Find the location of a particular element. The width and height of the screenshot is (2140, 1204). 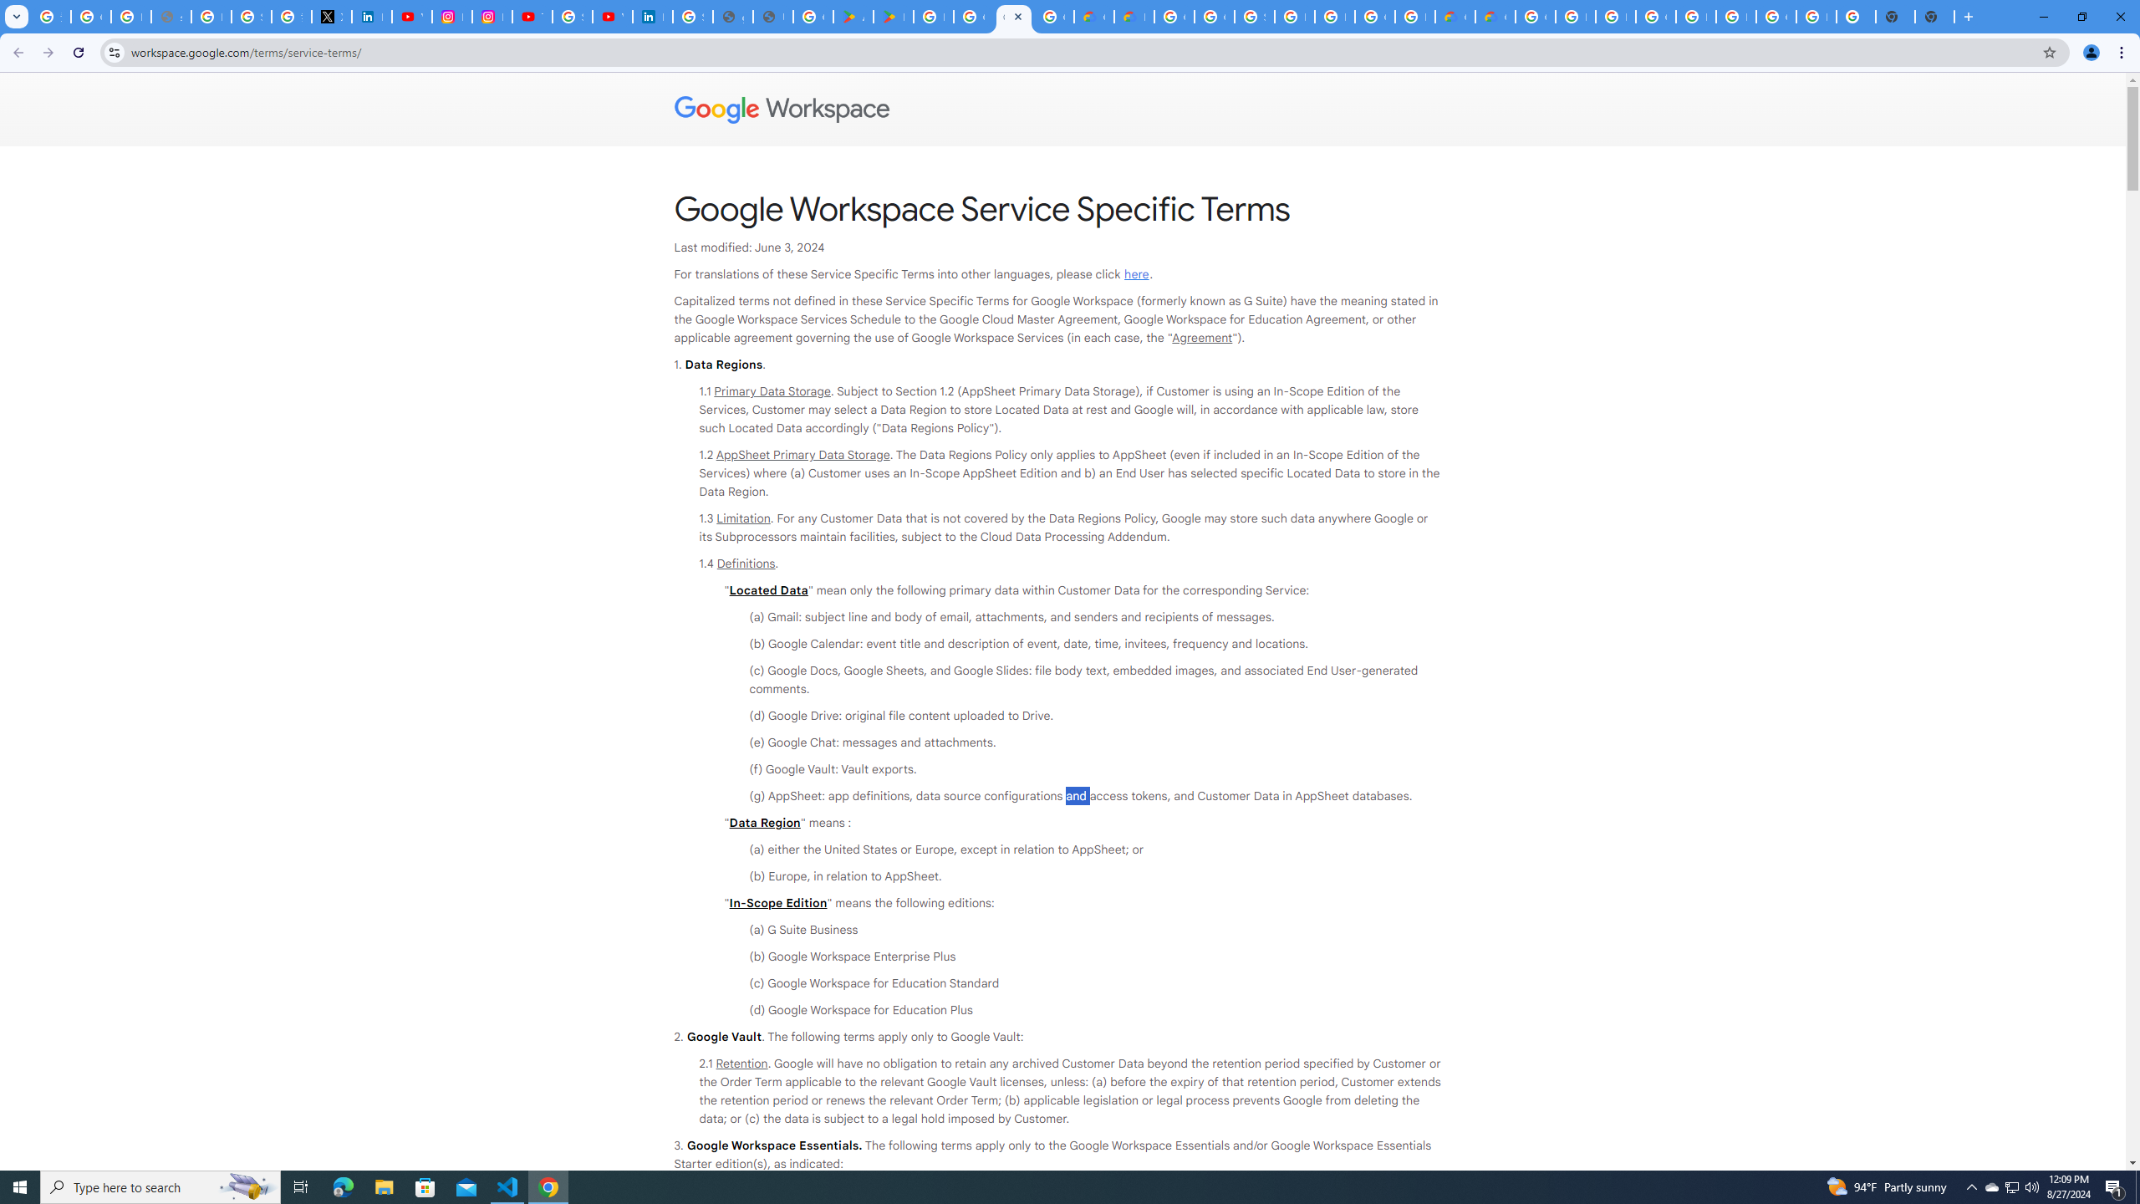

'Identity verification via Persona | LinkedIn Help' is located at coordinates (651, 16).